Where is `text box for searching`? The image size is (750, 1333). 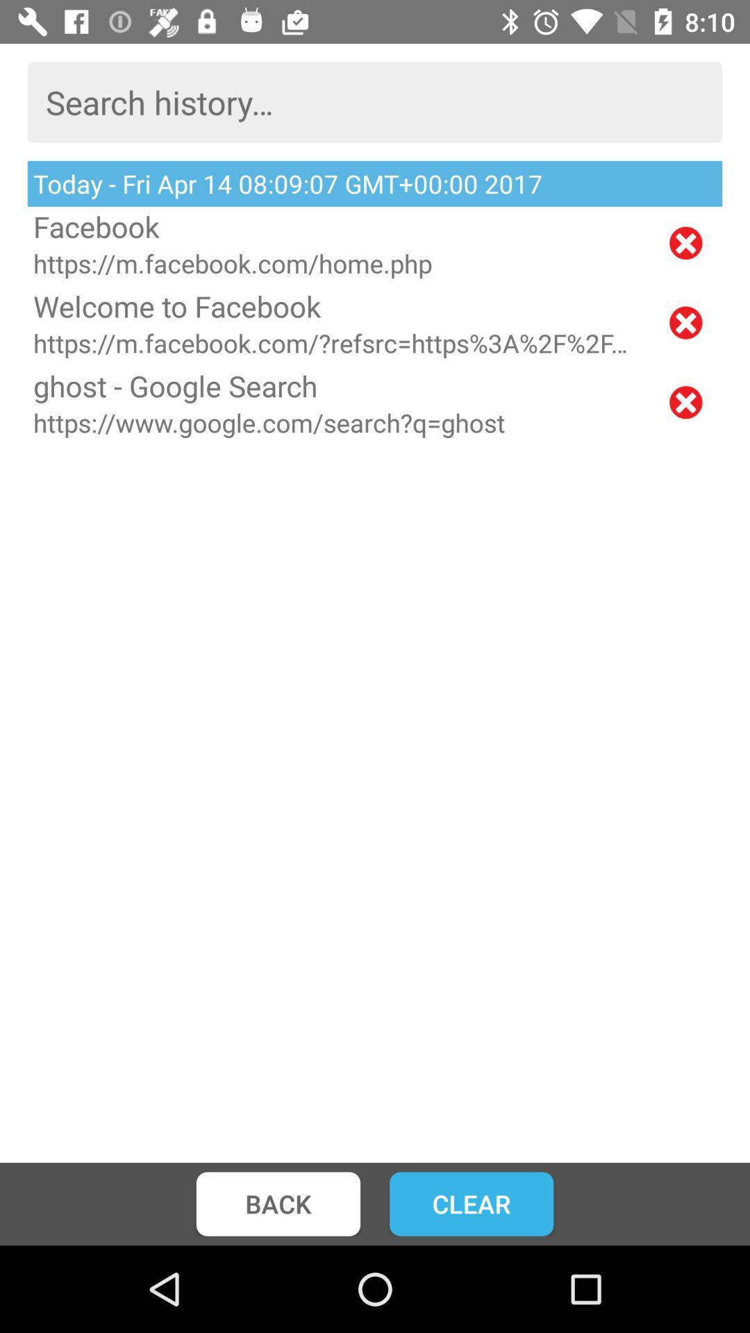 text box for searching is located at coordinates (375, 101).